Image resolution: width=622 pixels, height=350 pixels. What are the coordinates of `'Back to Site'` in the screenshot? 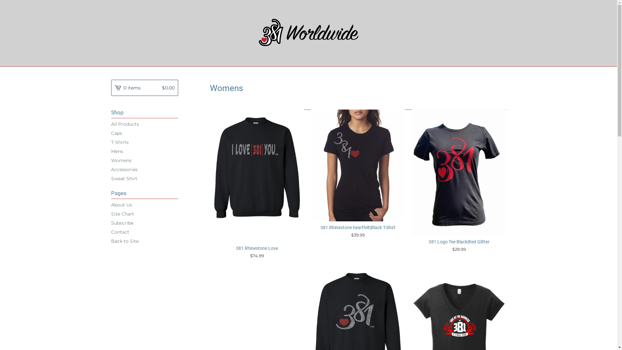 It's located at (144, 241).